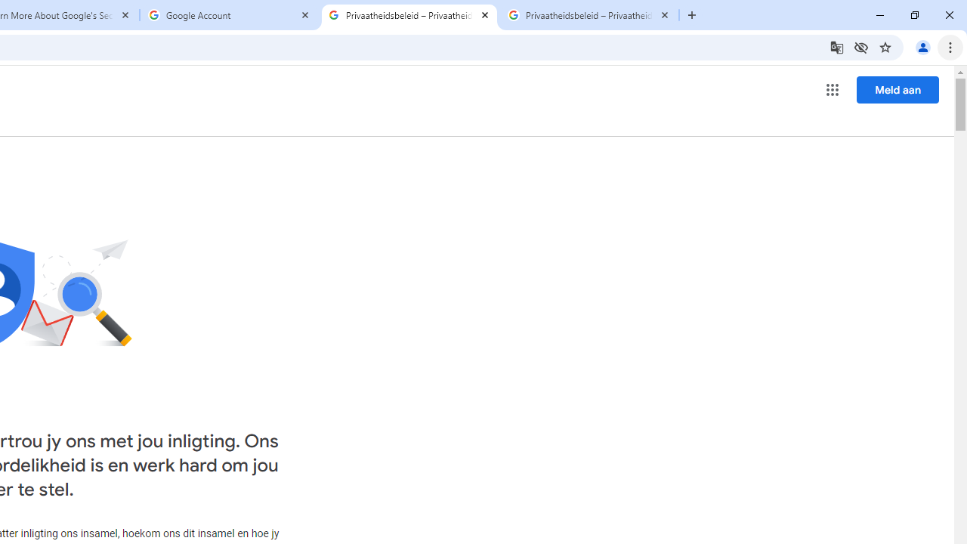  I want to click on 'Google-programme', so click(832, 90).